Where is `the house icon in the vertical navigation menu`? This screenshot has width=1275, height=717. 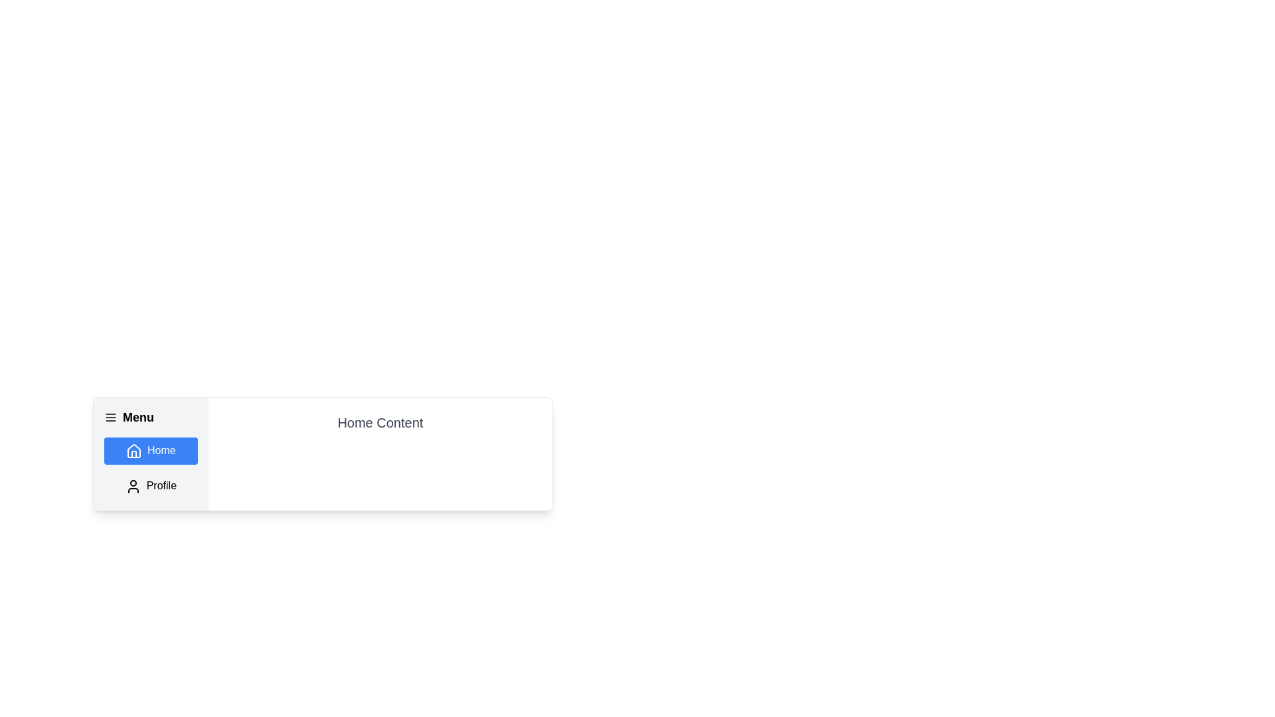
the house icon in the vertical navigation menu is located at coordinates (133, 450).